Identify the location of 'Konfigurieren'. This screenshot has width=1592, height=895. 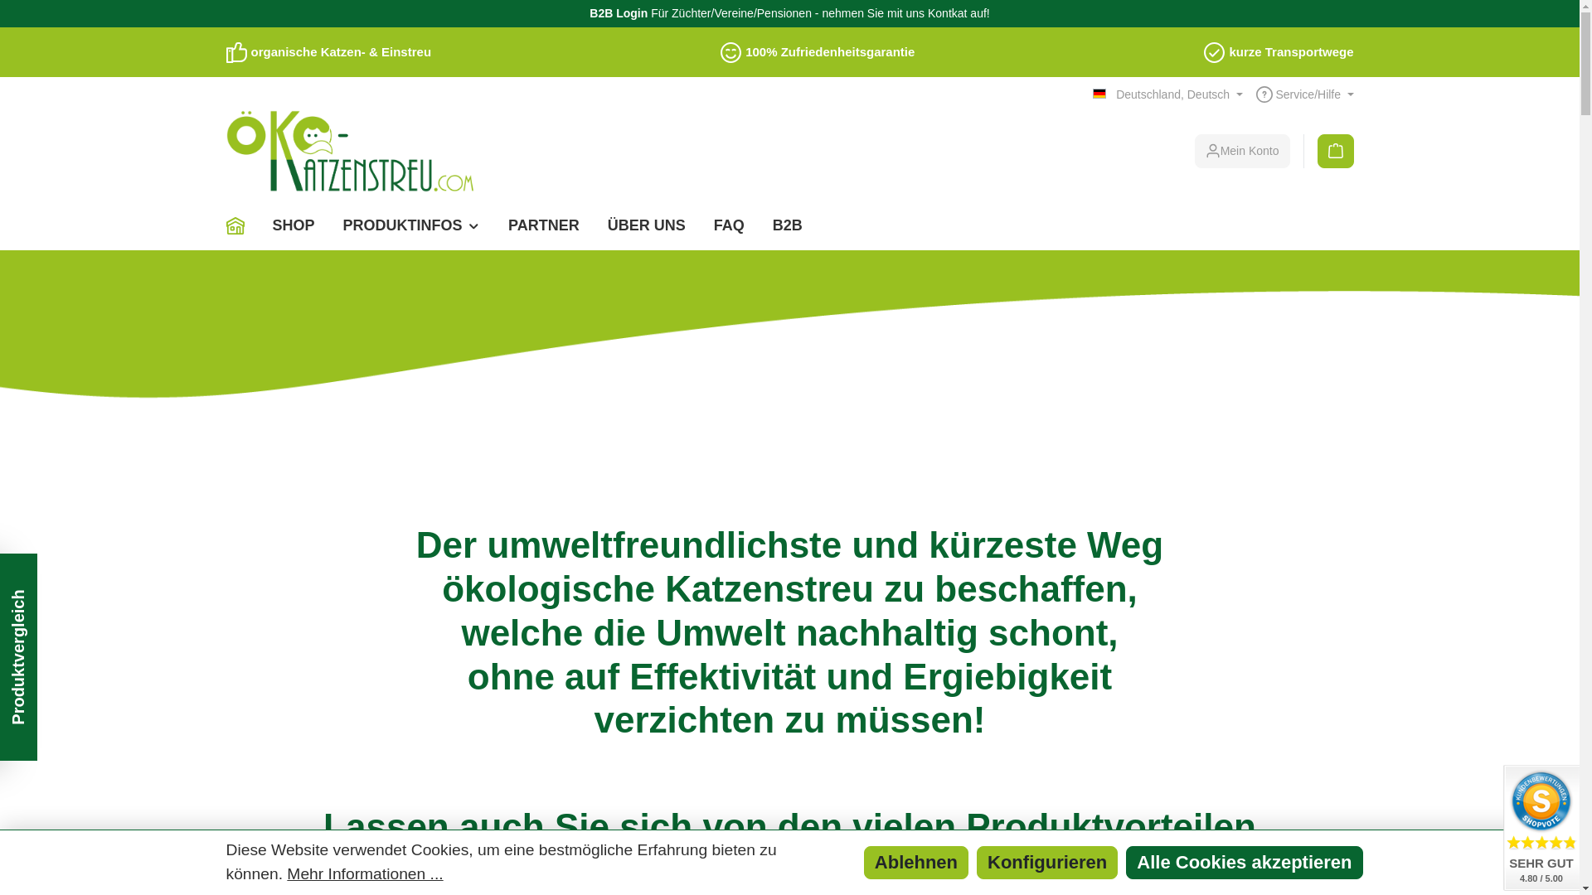
(976, 862).